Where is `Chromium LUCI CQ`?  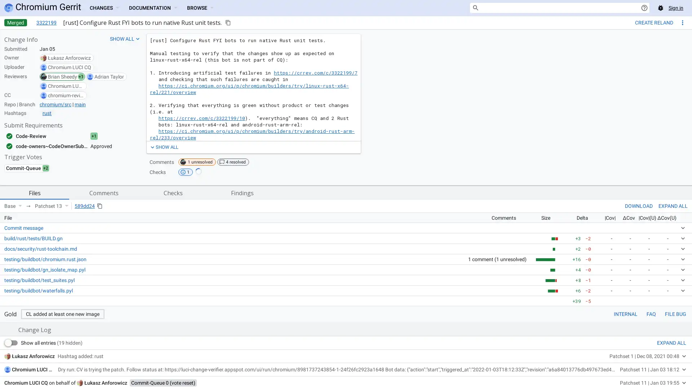
Chromium LUCI CQ is located at coordinates (33, 370).